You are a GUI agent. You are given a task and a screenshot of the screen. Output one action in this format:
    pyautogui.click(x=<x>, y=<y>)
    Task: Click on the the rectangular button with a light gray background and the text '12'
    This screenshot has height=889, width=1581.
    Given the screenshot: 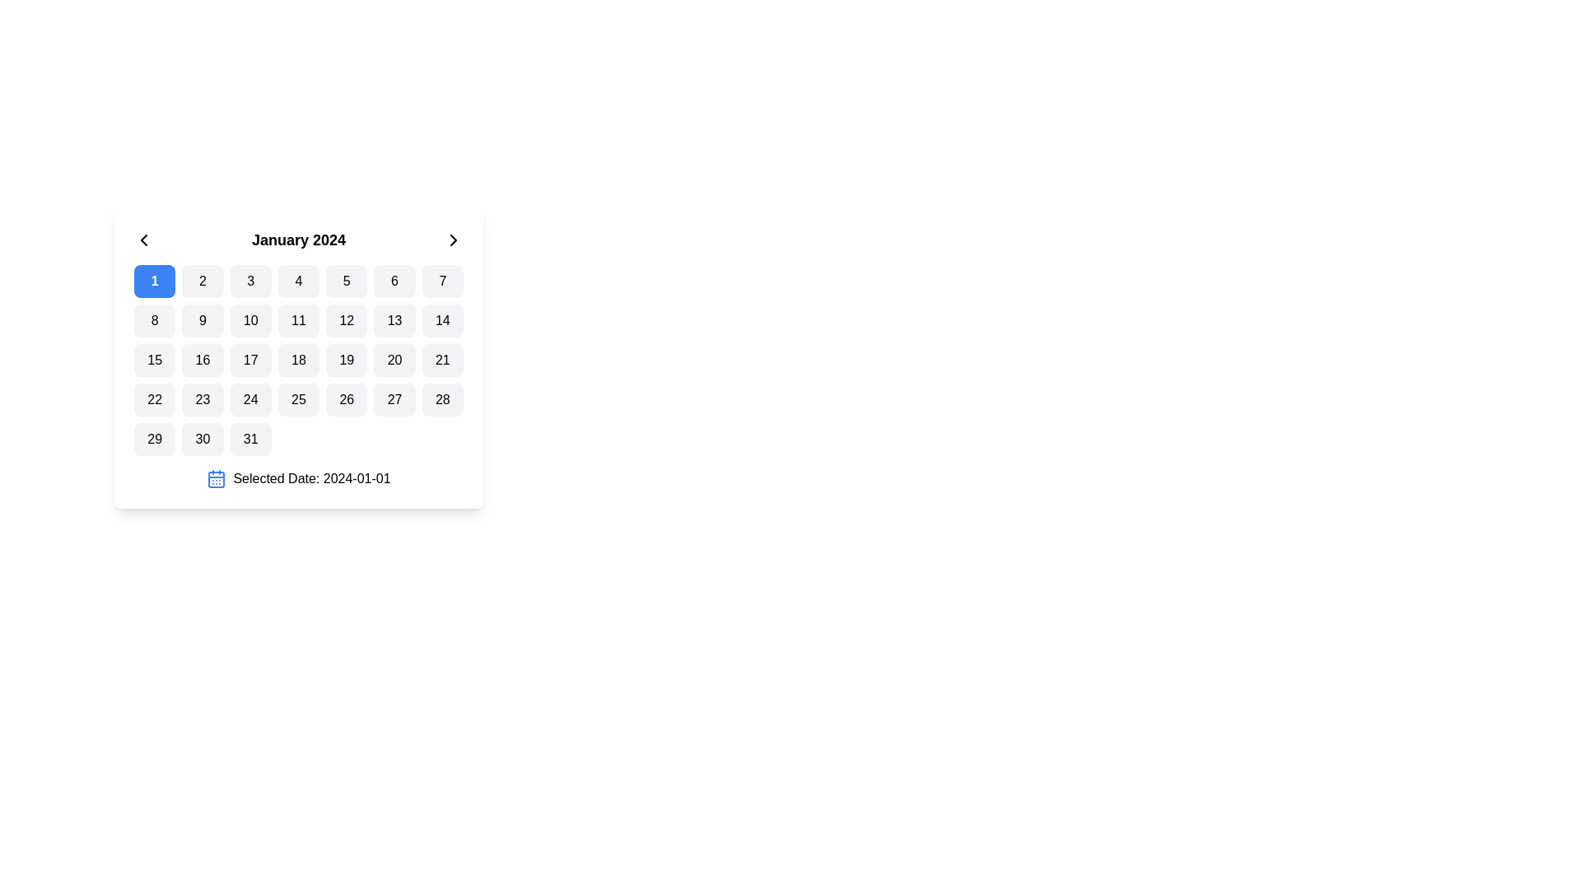 What is the action you would take?
    pyautogui.click(x=346, y=320)
    